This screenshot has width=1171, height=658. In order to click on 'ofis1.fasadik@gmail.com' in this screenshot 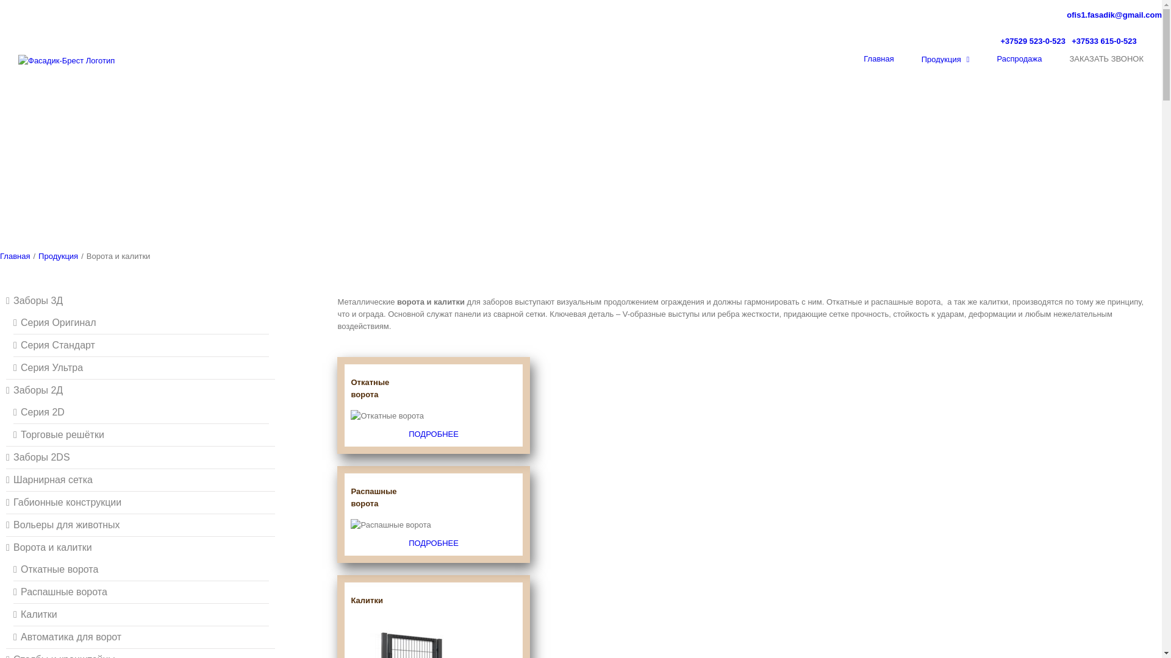, I will do `click(1114, 15)`.